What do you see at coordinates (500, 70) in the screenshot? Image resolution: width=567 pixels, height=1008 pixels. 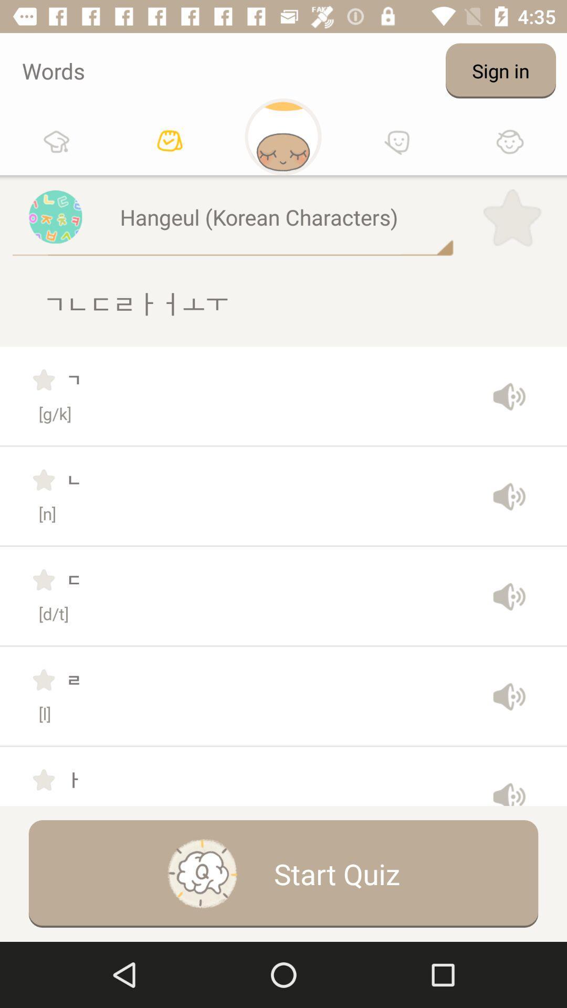 I see `the app to the right of words icon` at bounding box center [500, 70].